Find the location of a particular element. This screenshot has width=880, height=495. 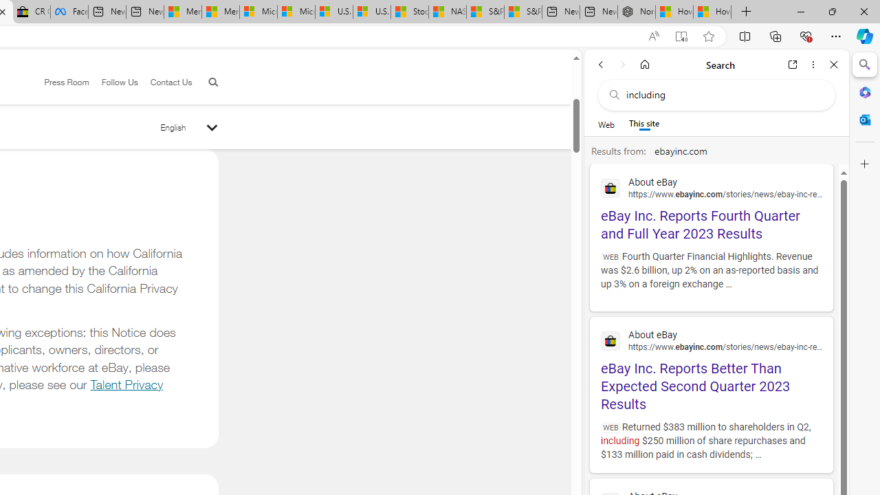

'This site scope' is located at coordinates (643, 124).